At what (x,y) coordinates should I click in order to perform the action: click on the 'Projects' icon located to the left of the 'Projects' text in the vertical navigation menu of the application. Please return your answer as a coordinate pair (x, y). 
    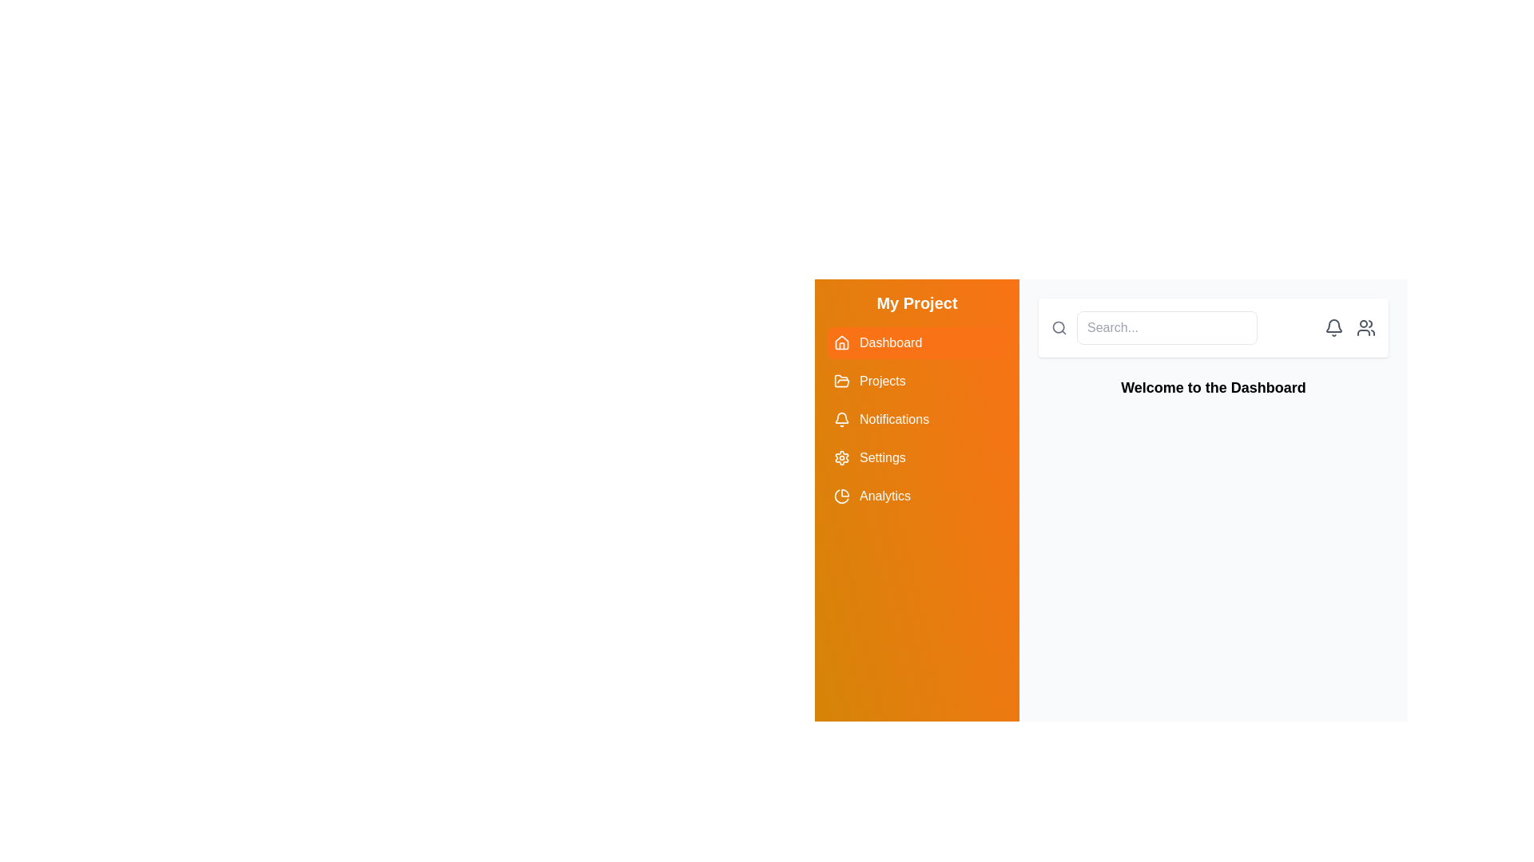
    Looking at the image, I should click on (841, 382).